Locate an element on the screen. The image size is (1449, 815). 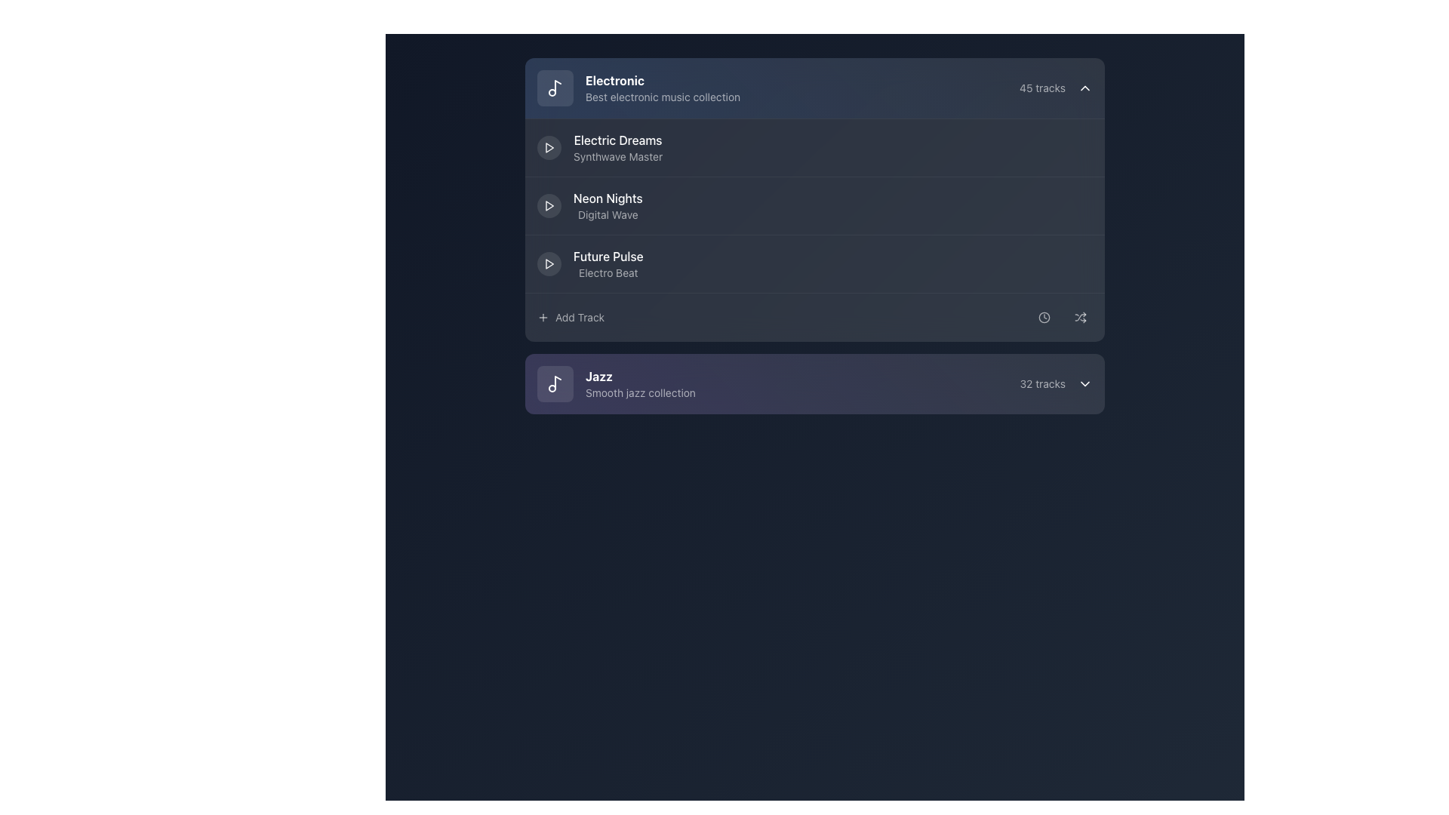
the play button for the 'Future Pulse' track located under the 'Electronic' collection is located at coordinates (549, 263).